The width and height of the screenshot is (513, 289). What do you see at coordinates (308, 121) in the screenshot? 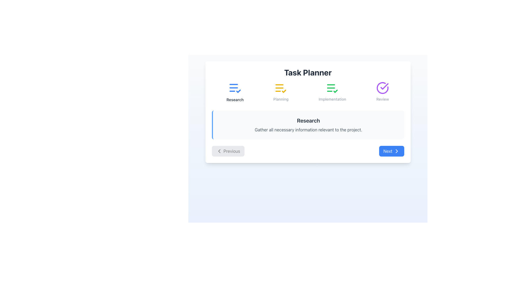
I see `the Header text element that serves as a title for the descriptive text below it, located in a bordered box with a light gray background and a blue accent left border, positioned centrally above the descriptive text` at bounding box center [308, 121].